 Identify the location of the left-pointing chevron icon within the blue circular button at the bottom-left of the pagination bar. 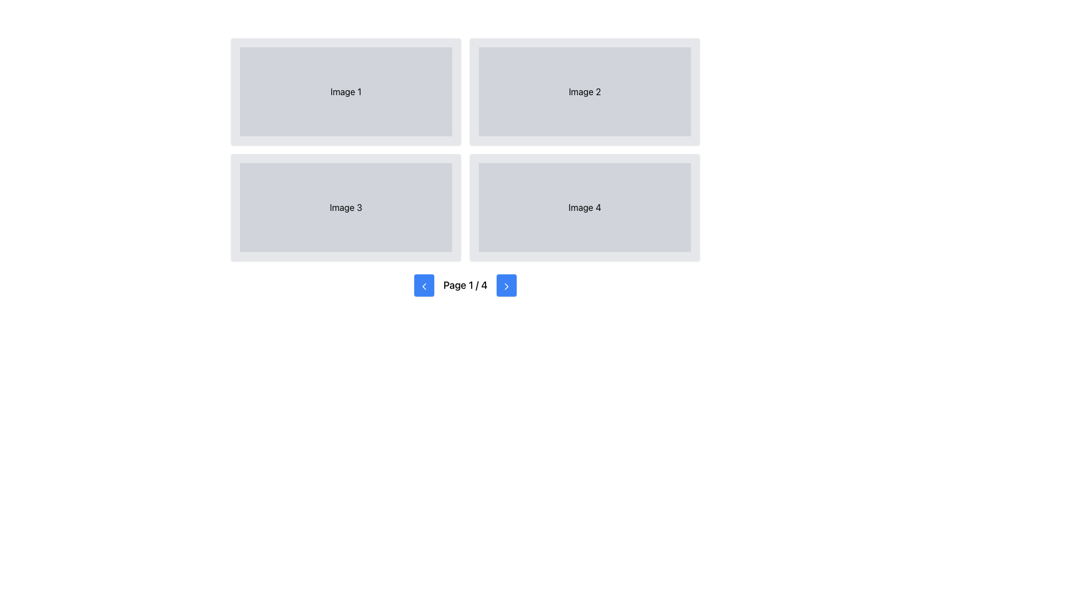
(424, 285).